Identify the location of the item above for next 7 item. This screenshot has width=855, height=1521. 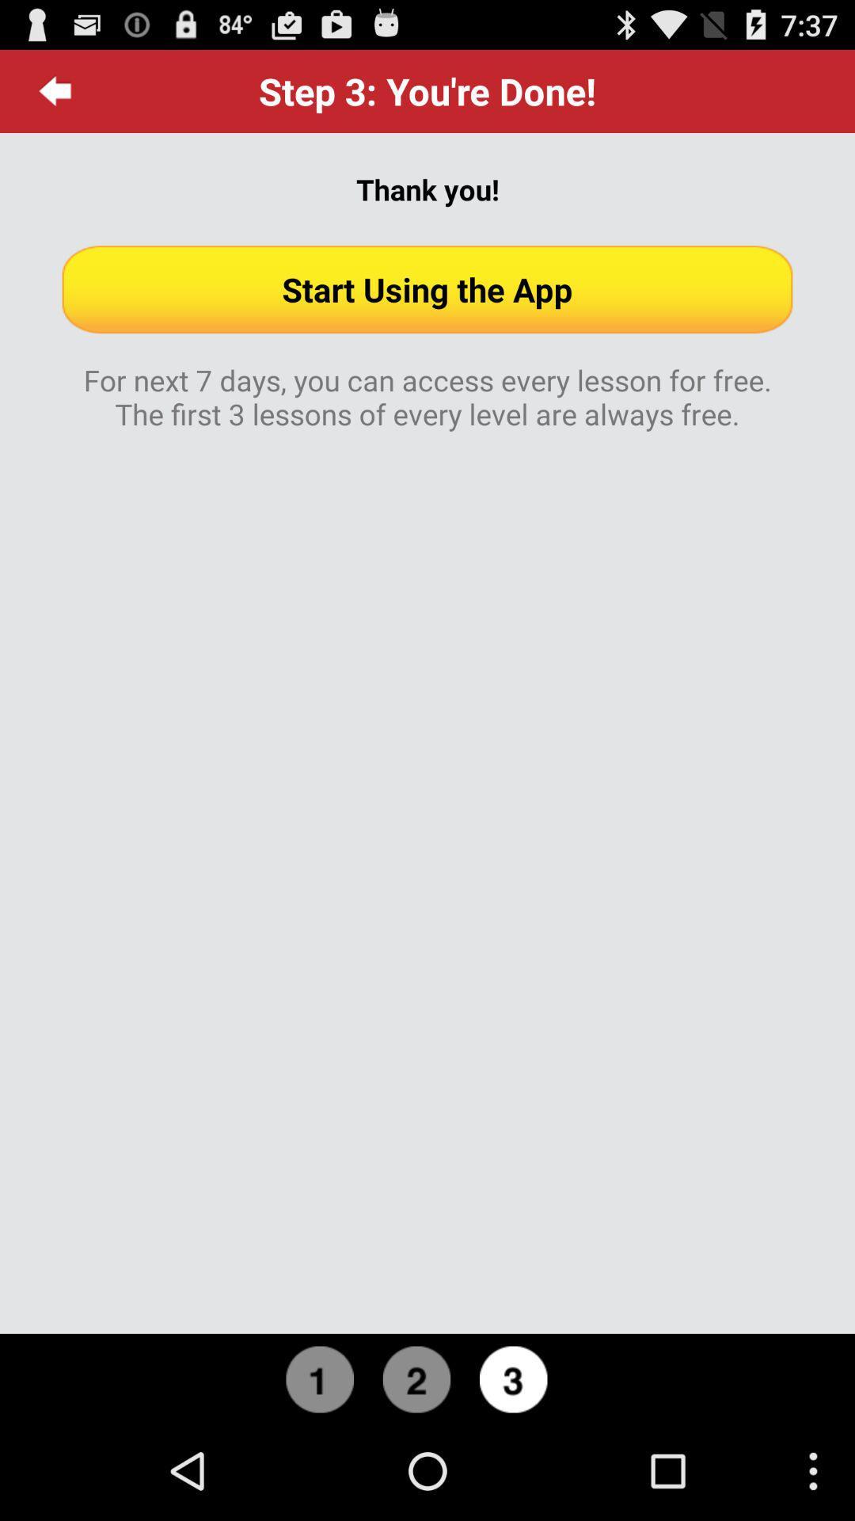
(427, 289).